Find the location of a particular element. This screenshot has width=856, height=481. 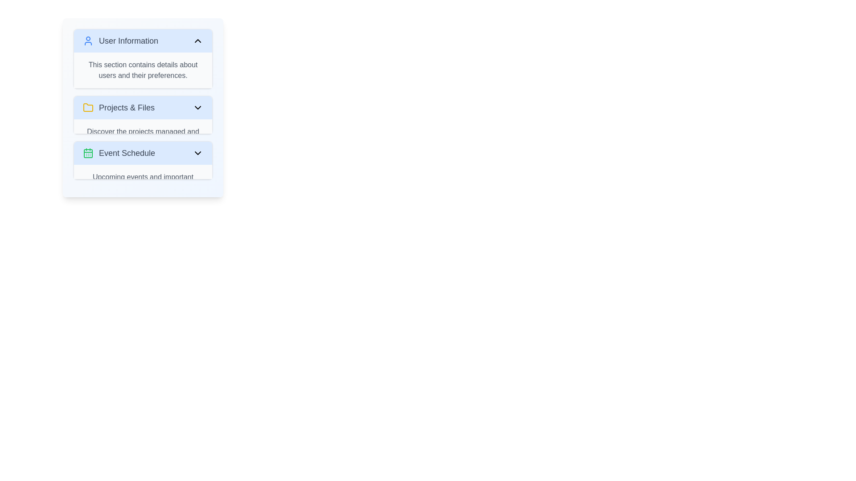

the downward-facing chevron icon (dropdown indicator) next to the 'Projects & Files' text is located at coordinates (198, 107).